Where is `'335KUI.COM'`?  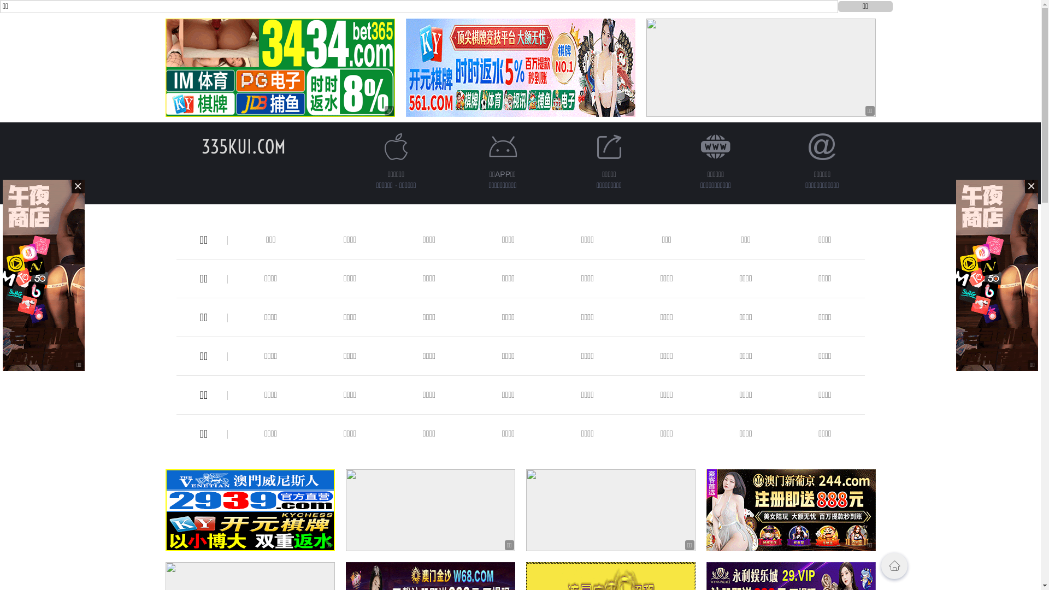 '335KUI.COM' is located at coordinates (243, 146).